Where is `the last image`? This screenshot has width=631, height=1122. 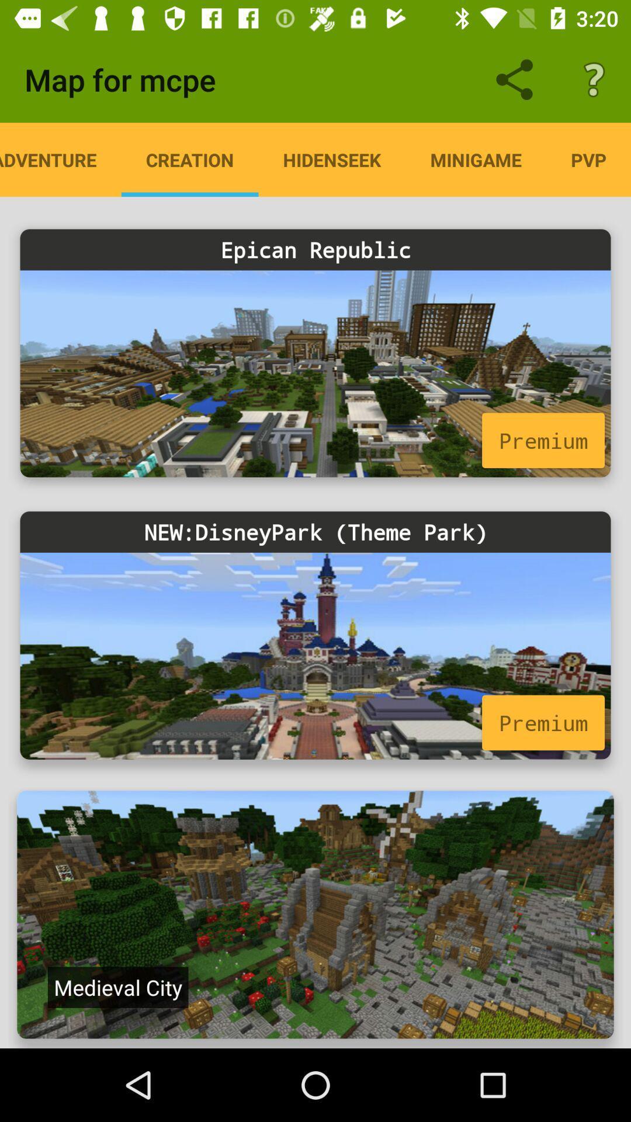 the last image is located at coordinates (315, 912).